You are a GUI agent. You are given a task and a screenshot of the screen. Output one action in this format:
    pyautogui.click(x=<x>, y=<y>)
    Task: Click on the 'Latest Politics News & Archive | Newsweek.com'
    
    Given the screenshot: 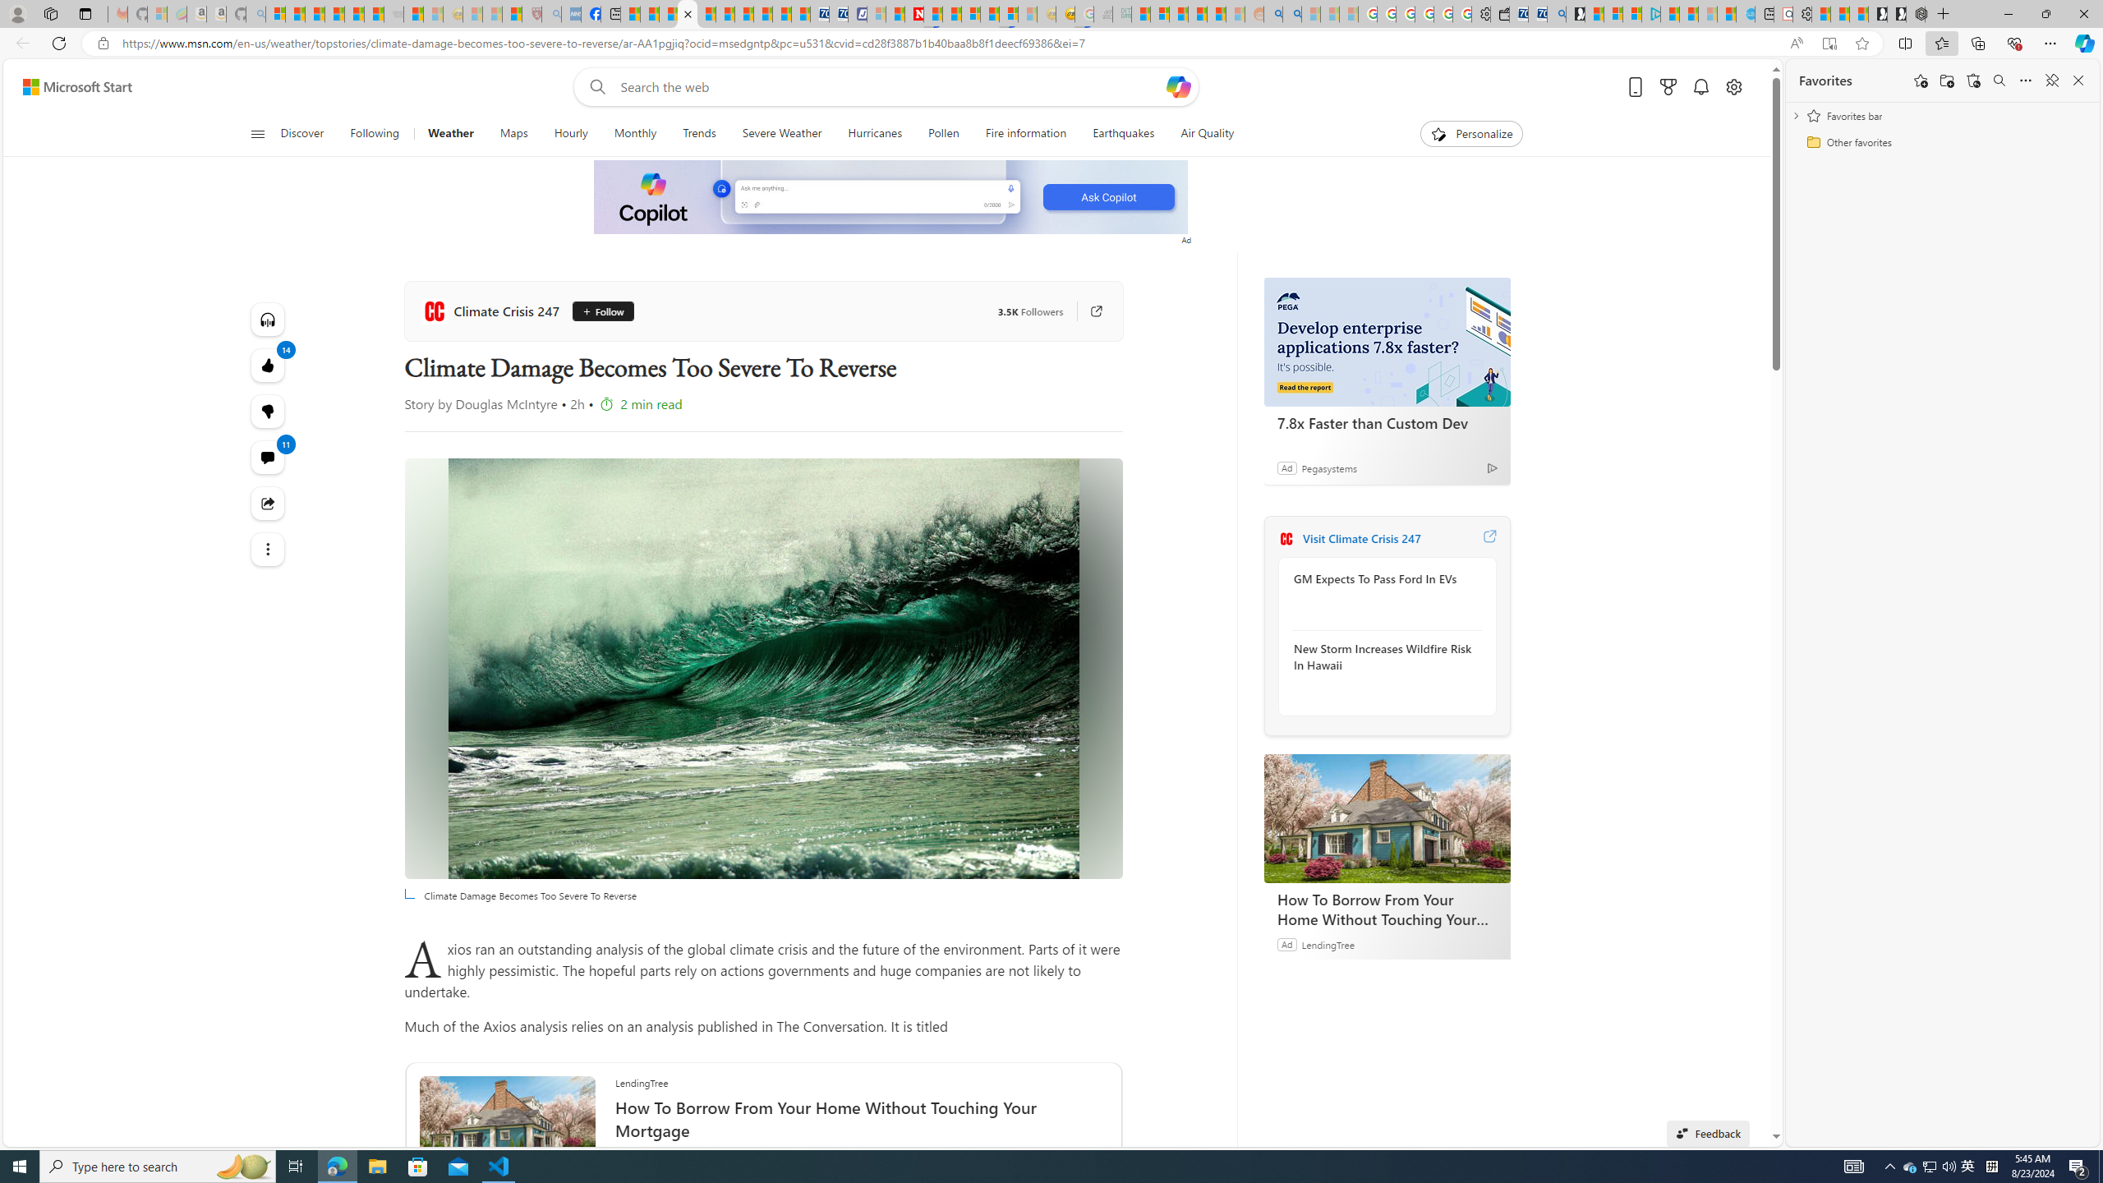 What is the action you would take?
    pyautogui.click(x=913, y=13)
    